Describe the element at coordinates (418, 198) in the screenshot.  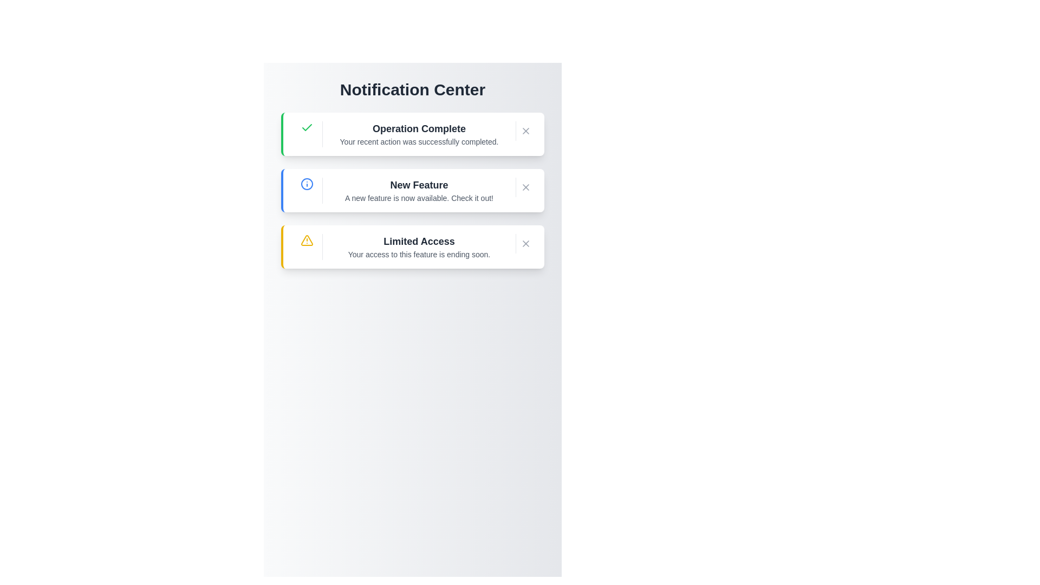
I see `the informational text located within the notification block, which is styled in a smaller font size and light gray color, situated directly below the bolded title 'New Feature'` at that location.